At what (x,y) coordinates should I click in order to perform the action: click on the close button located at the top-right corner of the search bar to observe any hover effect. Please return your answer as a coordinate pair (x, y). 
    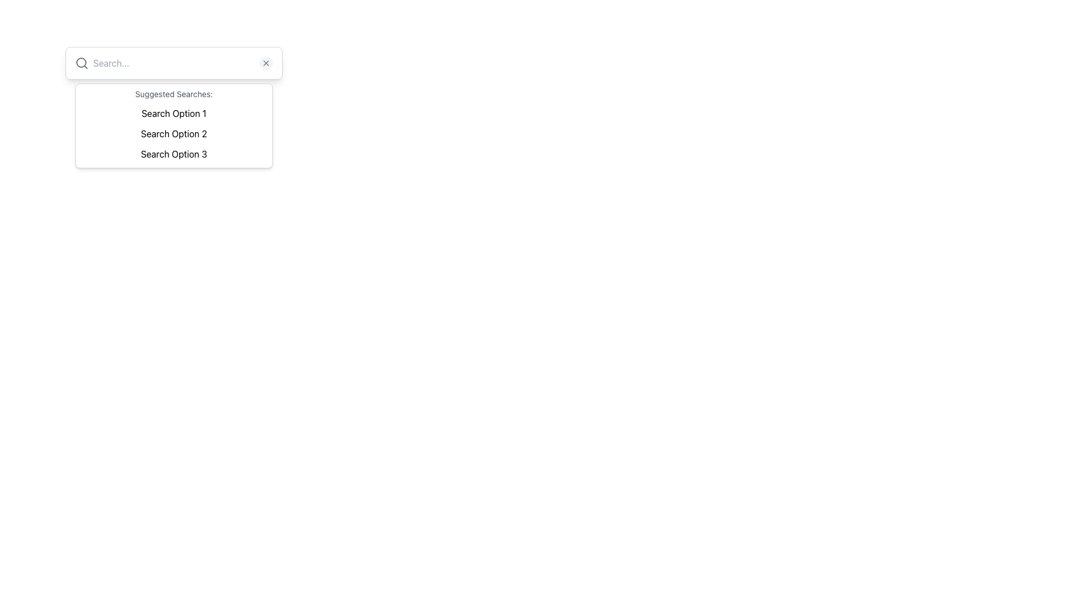
    Looking at the image, I should click on (265, 63).